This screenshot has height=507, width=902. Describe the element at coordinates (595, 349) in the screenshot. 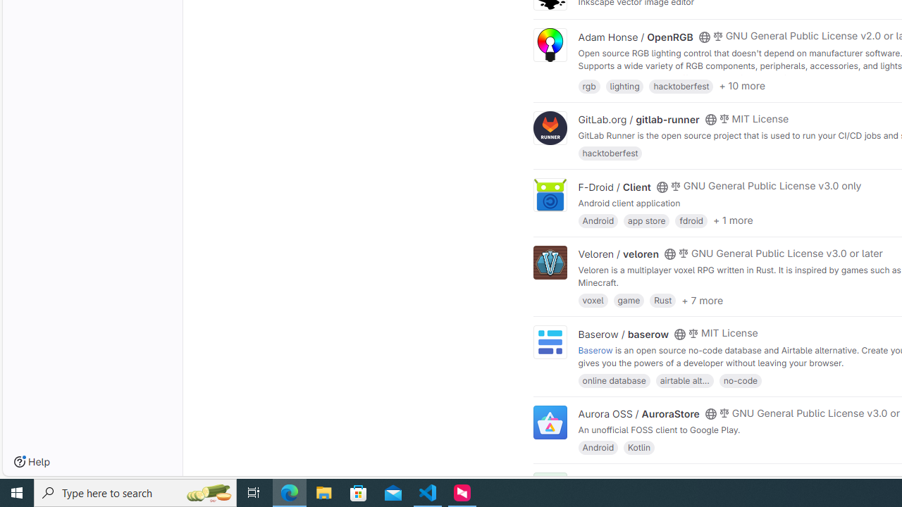

I see `'Baserow'` at that location.